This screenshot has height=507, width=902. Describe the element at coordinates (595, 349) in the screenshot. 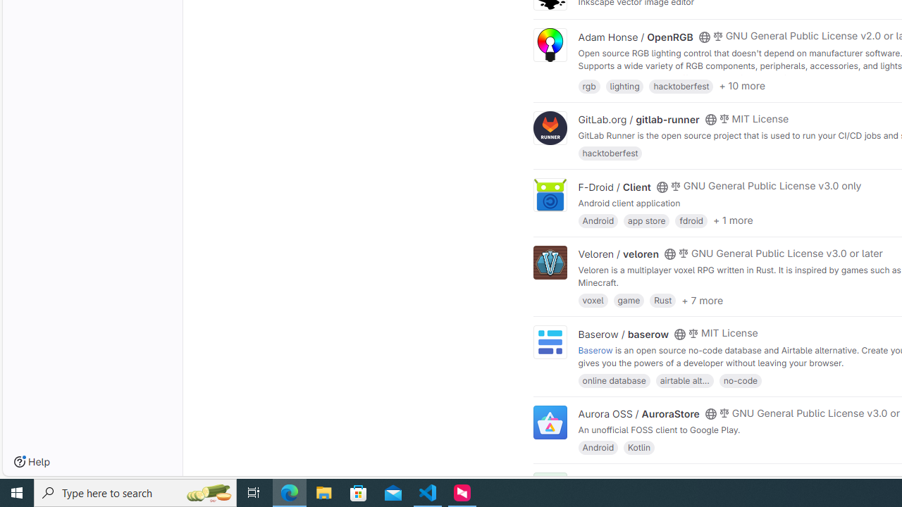

I see `'Baserow'` at that location.